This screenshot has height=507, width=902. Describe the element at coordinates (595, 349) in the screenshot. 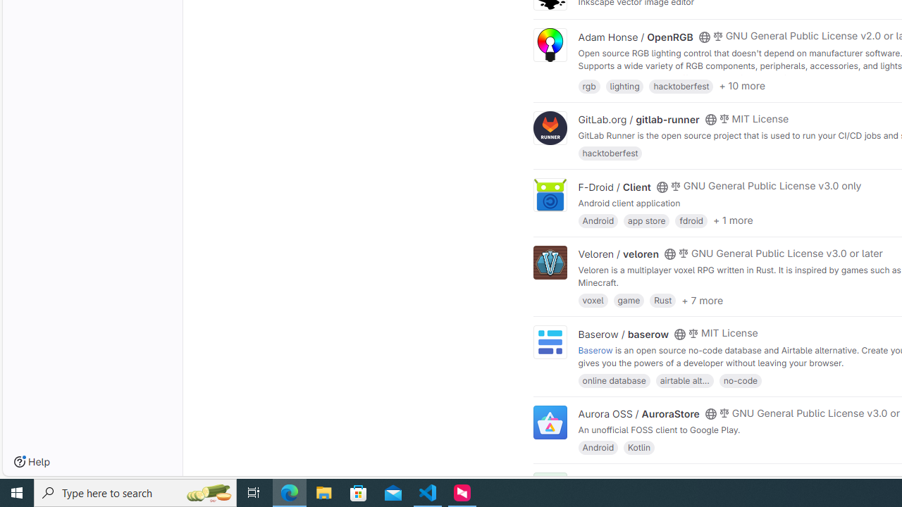

I see `'Baserow'` at that location.